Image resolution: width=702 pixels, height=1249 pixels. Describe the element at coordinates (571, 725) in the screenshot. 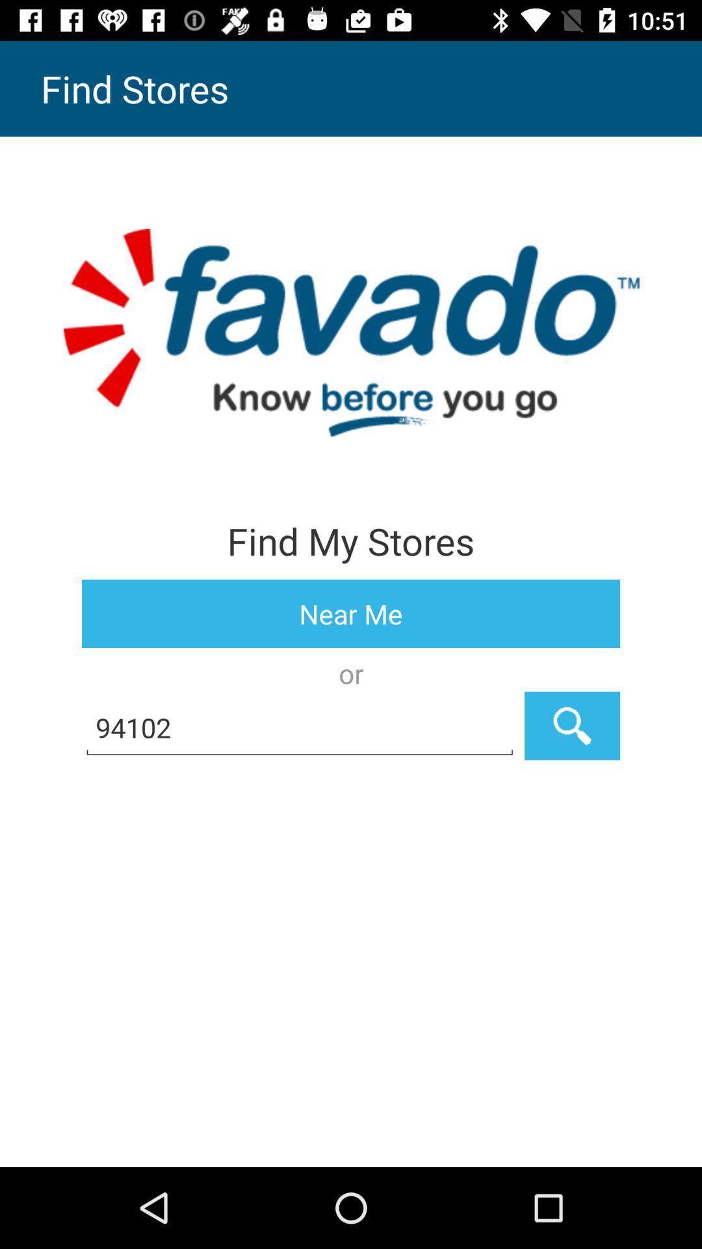

I see `search` at that location.